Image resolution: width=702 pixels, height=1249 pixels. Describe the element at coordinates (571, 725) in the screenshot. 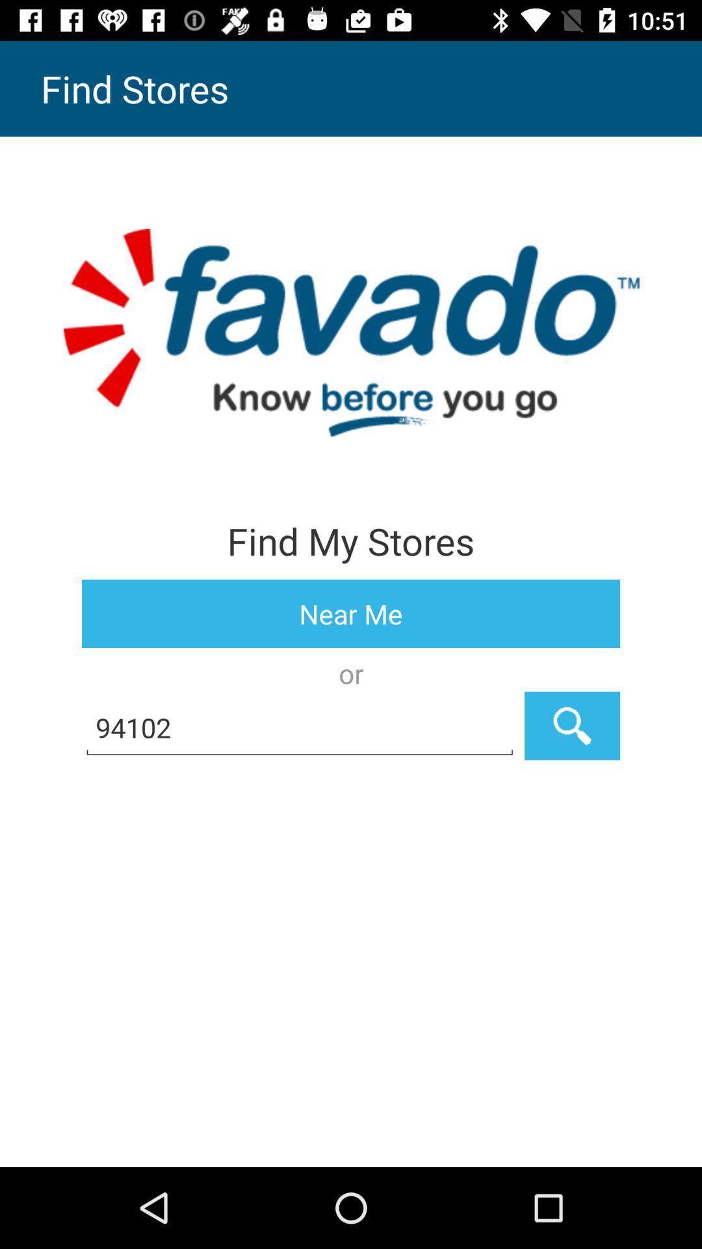

I see `search` at that location.